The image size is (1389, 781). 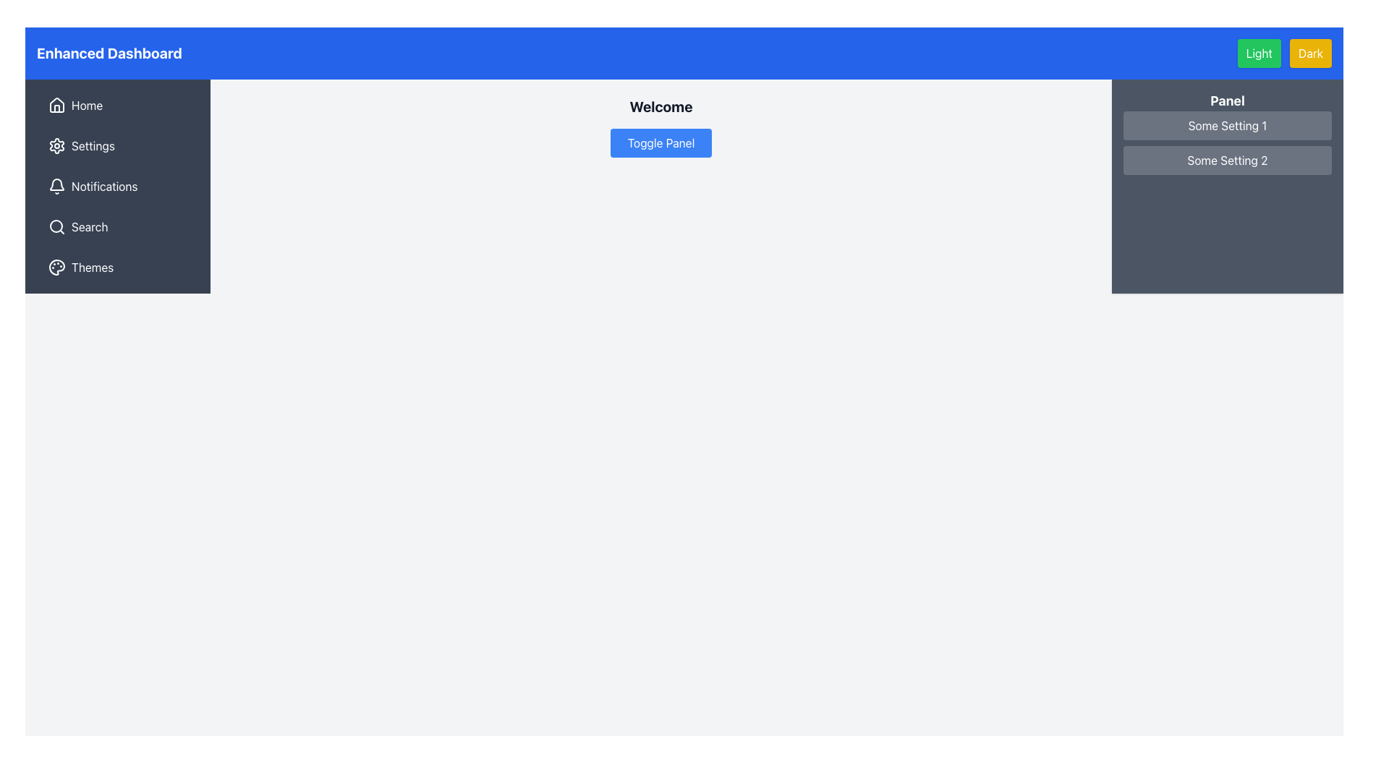 I want to click on the rendered visuals associated with the lower curve of the bell icon in the sidebar menu, which represents the 'Notifications' section, so click(x=56, y=183).